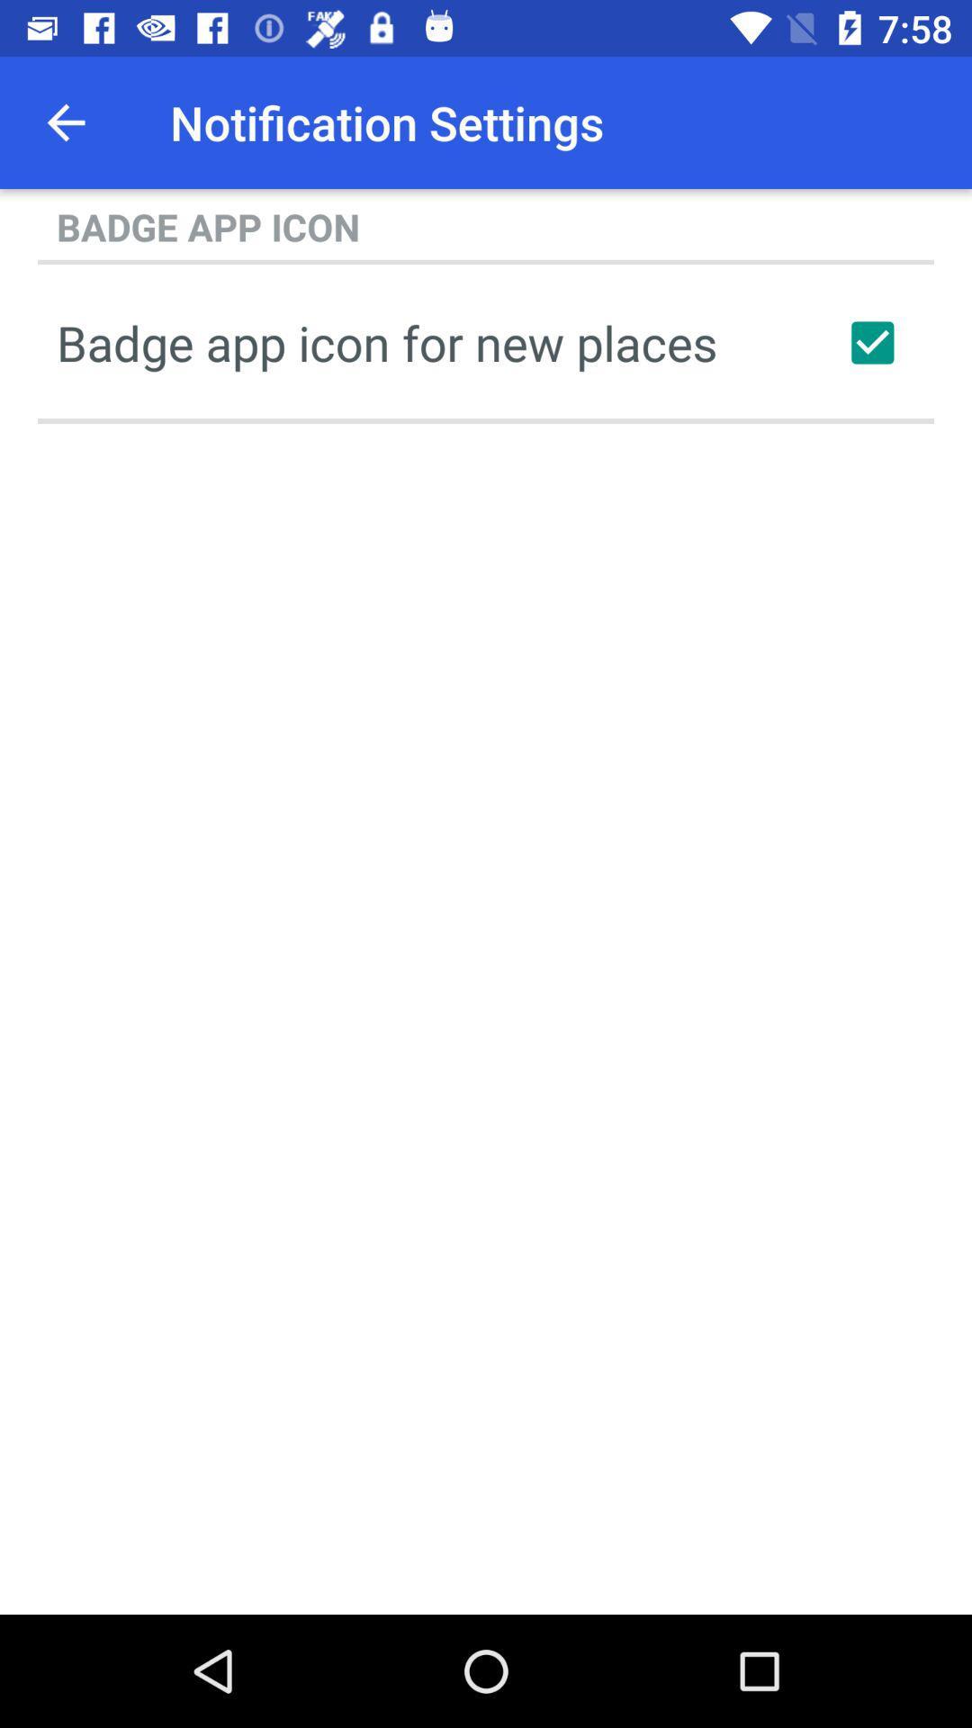 The width and height of the screenshot is (972, 1728). I want to click on icon above the badge app icon, so click(65, 121).